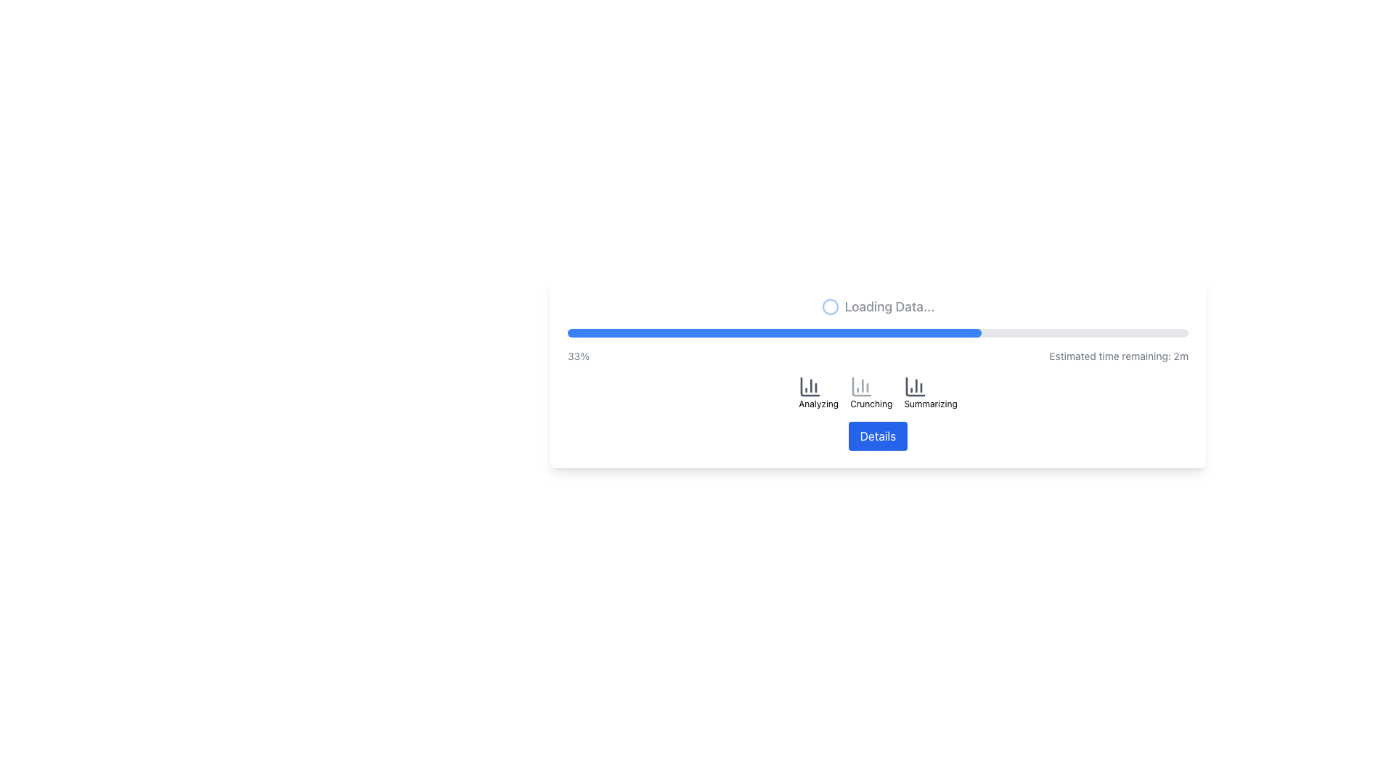 This screenshot has width=1394, height=784. Describe the element at coordinates (830, 306) in the screenshot. I see `the animated spinner located to the left of the 'Loading Data...' text, which serves as a visual indication of a loading process` at that location.